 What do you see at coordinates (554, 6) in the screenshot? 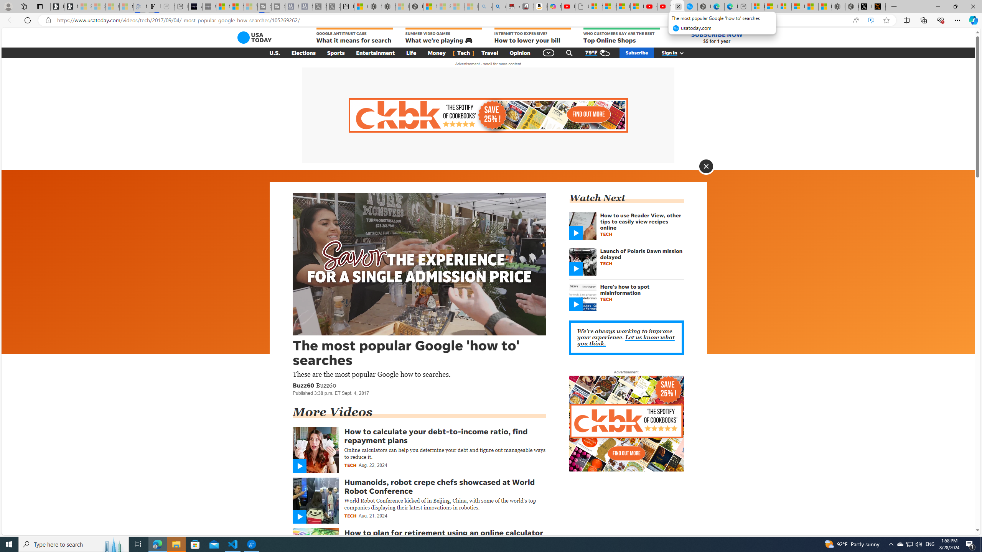
I see `'Copilot'` at bounding box center [554, 6].